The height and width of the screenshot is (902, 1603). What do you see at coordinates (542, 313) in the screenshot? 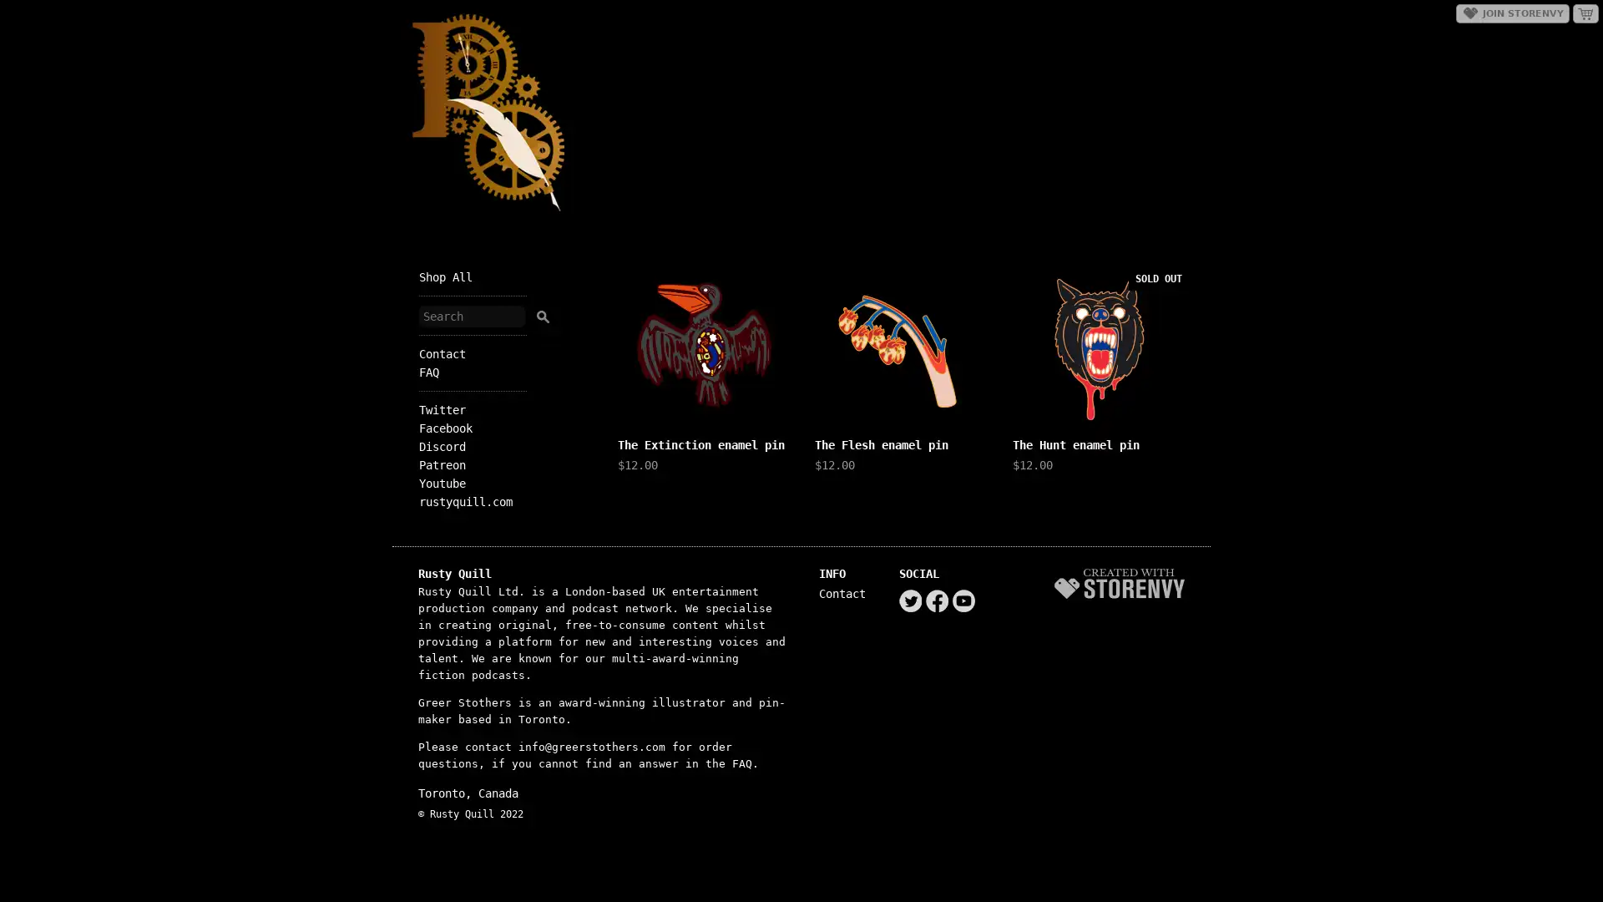
I see `Search` at bounding box center [542, 313].